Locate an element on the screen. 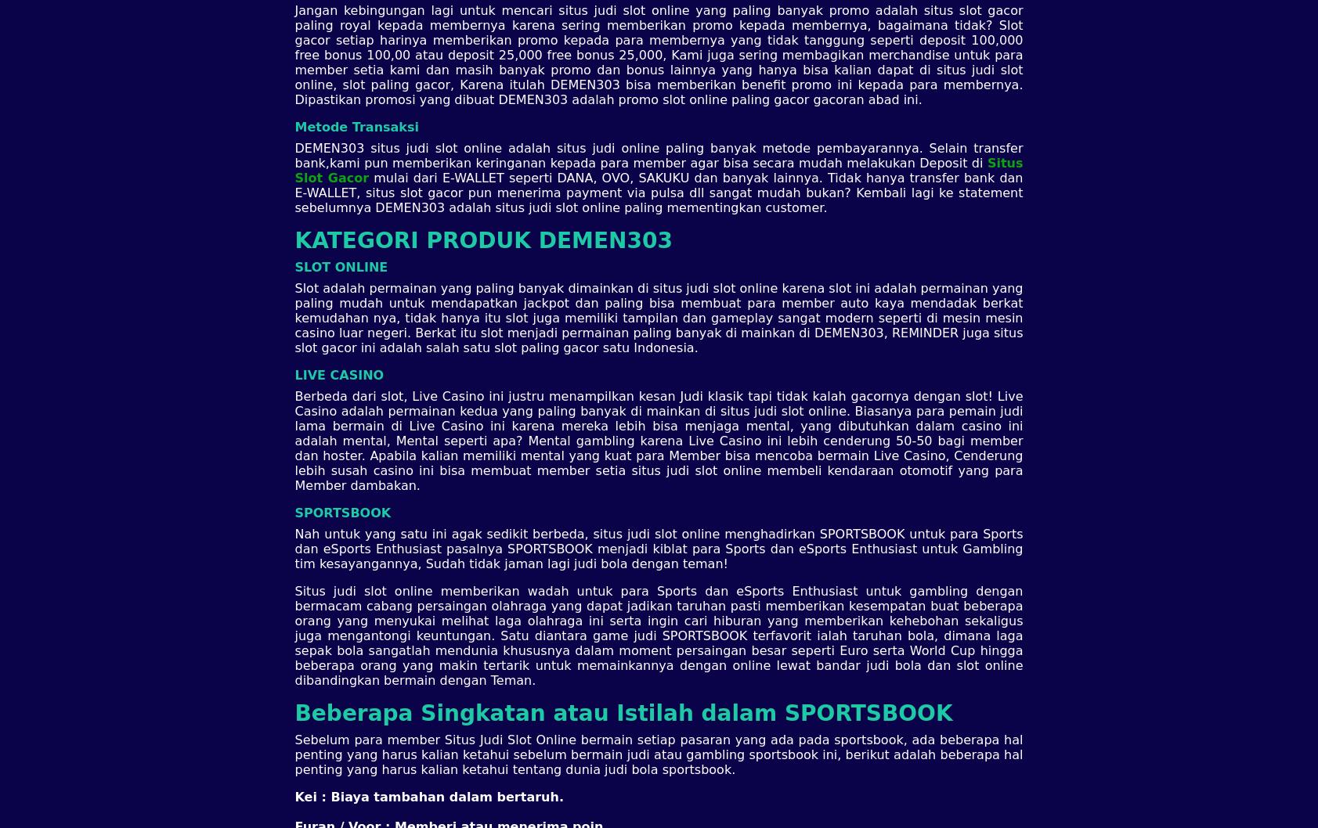 The width and height of the screenshot is (1318, 828). 'mulai dari E-WALLET seperti DANA, OVO, SAKUKU dan banyak lainnya. Tidak hanya transfer bank dan E-WALLET, situs slot gacor pun menerima payment via pulsa dll sangat mudah bukan? Kembali lagi ke statement sebelumnya DEMEN303 adalah situs judi slot online paling mementingkan customer.' is located at coordinates (657, 192).